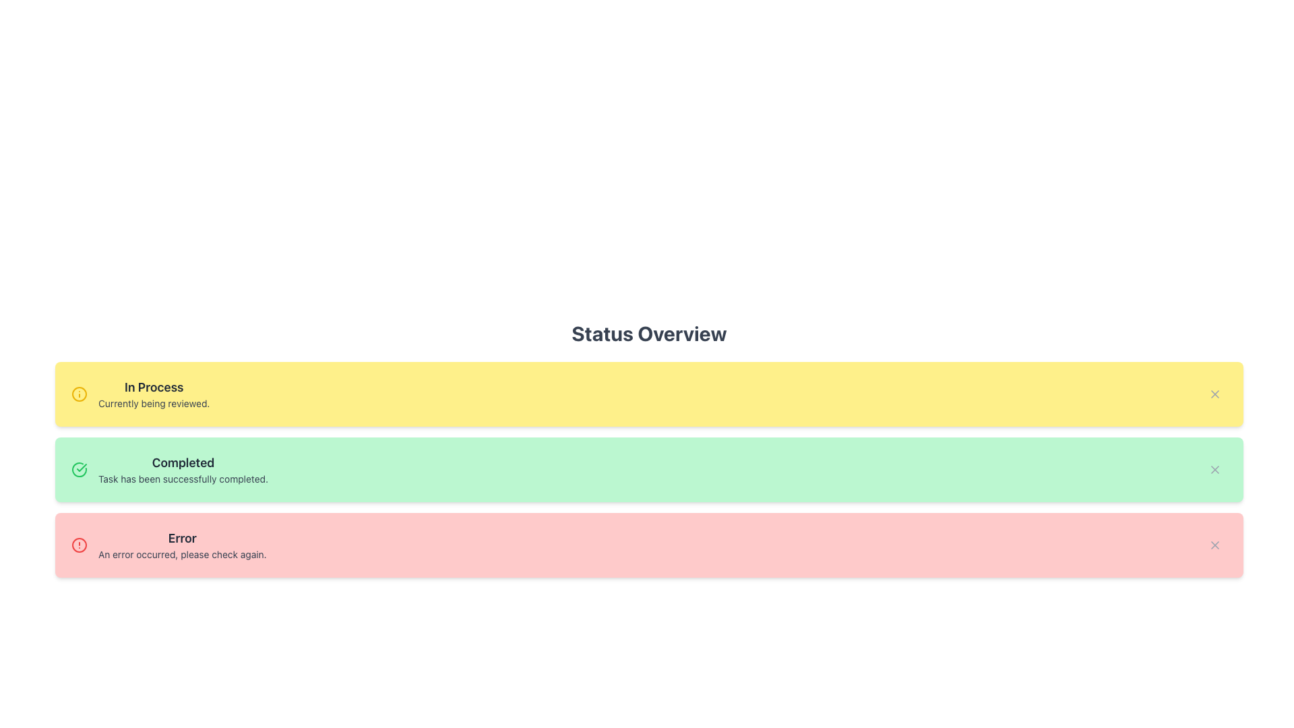 Image resolution: width=1294 pixels, height=728 pixels. Describe the element at coordinates (79, 469) in the screenshot. I see `the green circular icon with a checkmark in the center, which is part of the 'Completed' section in the vertical list of status boxes` at that location.